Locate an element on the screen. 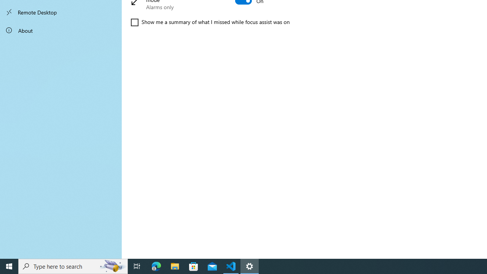  'Start' is located at coordinates (9, 266).